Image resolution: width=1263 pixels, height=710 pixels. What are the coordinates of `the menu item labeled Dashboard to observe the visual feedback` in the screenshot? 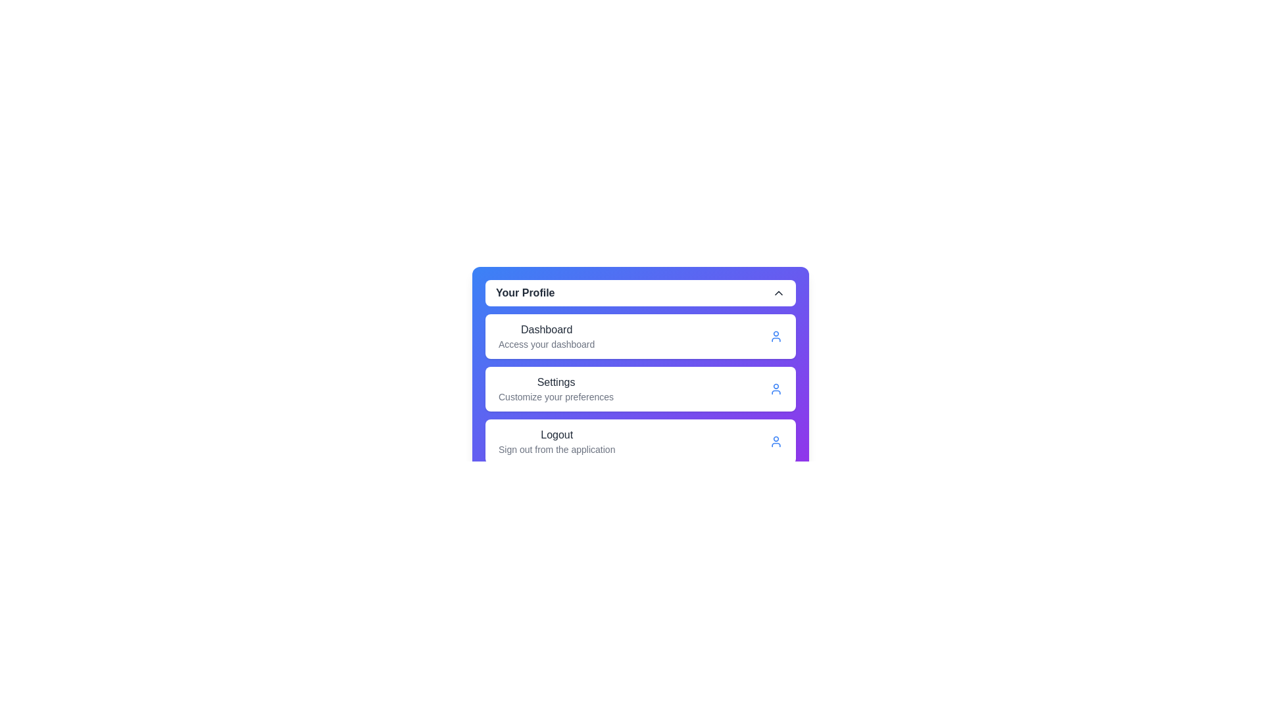 It's located at (546, 336).